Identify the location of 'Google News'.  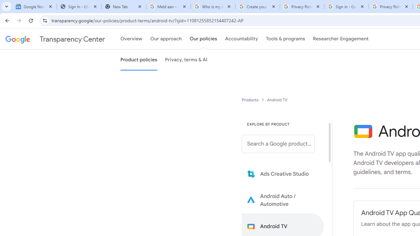
(34, 7).